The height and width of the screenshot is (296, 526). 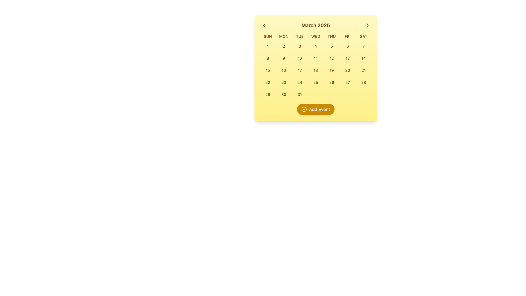 What do you see at coordinates (268, 46) in the screenshot?
I see `the text label '1' within the clickable grid cell of the calendar date picker, located under the 'SUN' column header` at bounding box center [268, 46].